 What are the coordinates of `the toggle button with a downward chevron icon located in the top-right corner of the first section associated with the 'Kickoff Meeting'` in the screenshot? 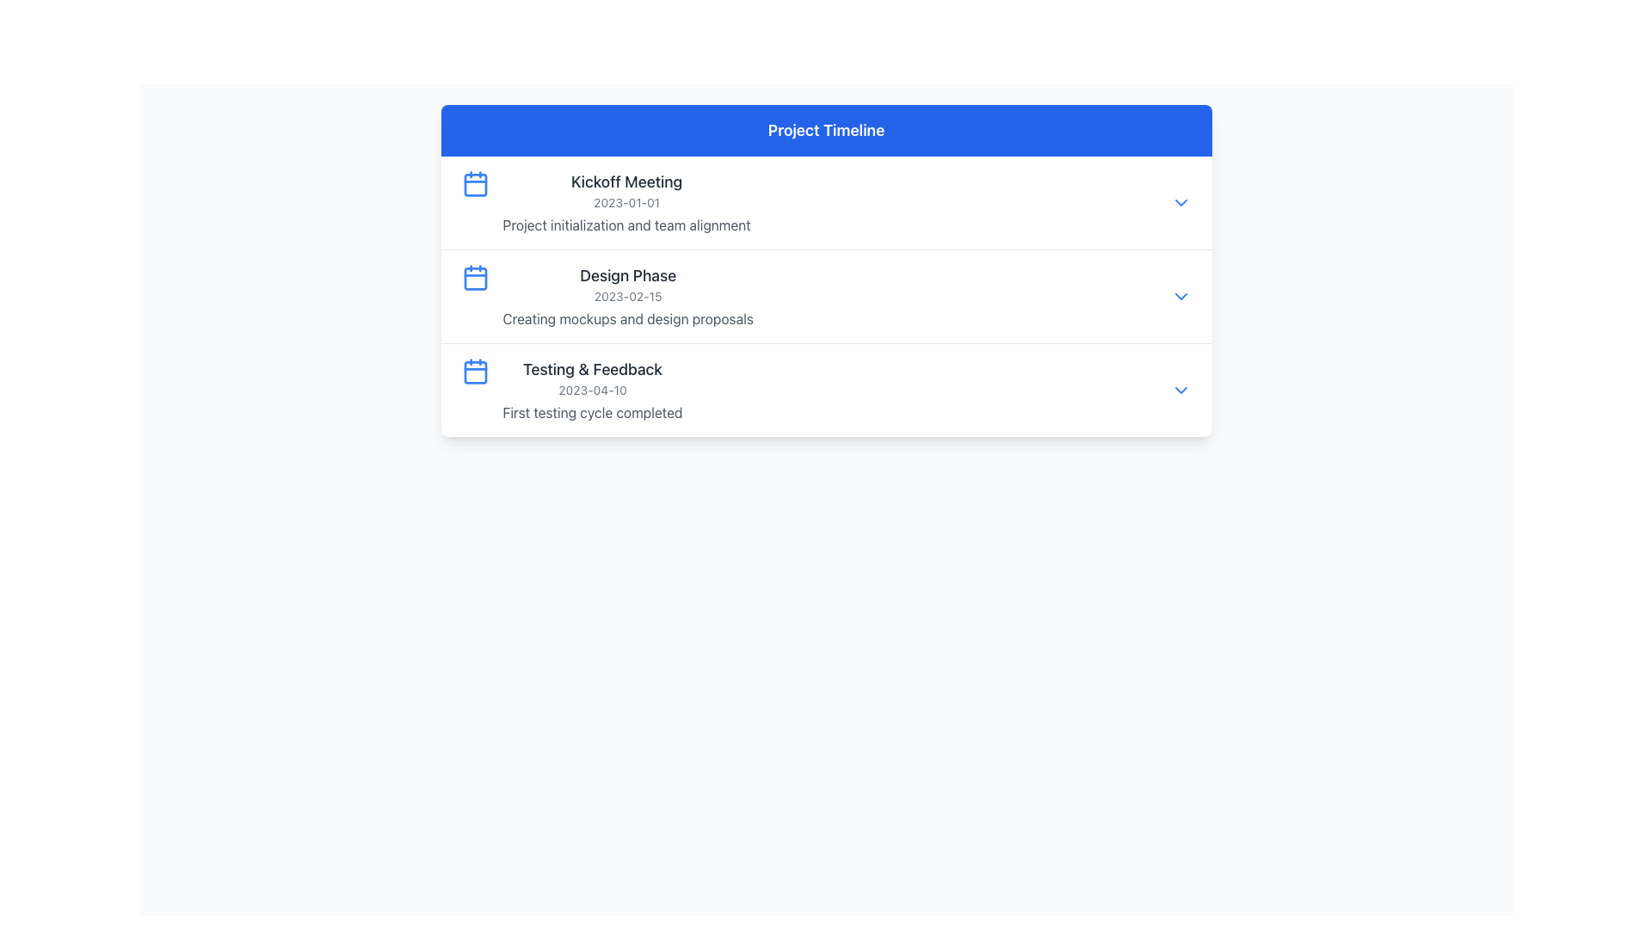 It's located at (1180, 201).